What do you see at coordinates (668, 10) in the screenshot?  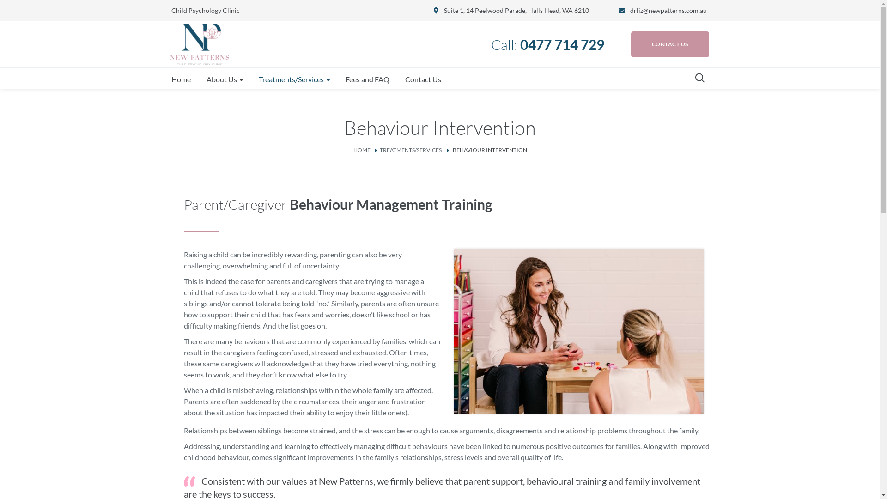 I see `'drliz@newpatterns.com.au'` at bounding box center [668, 10].